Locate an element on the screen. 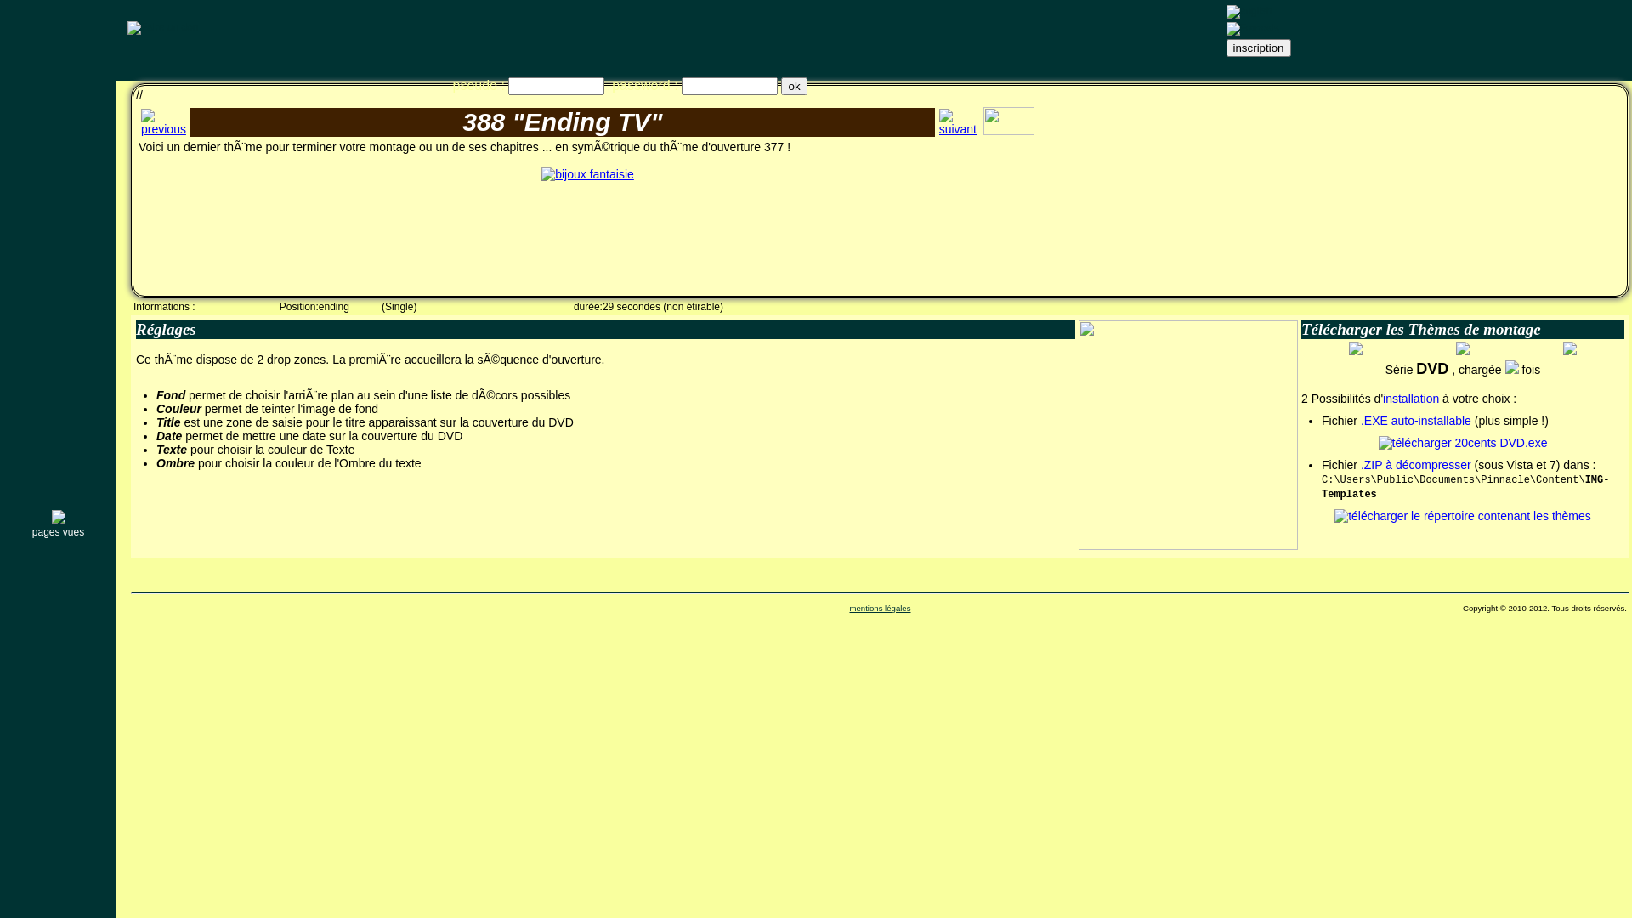 This screenshot has height=918, width=1632. '.EXE auto-installable' is located at coordinates (1415, 420).